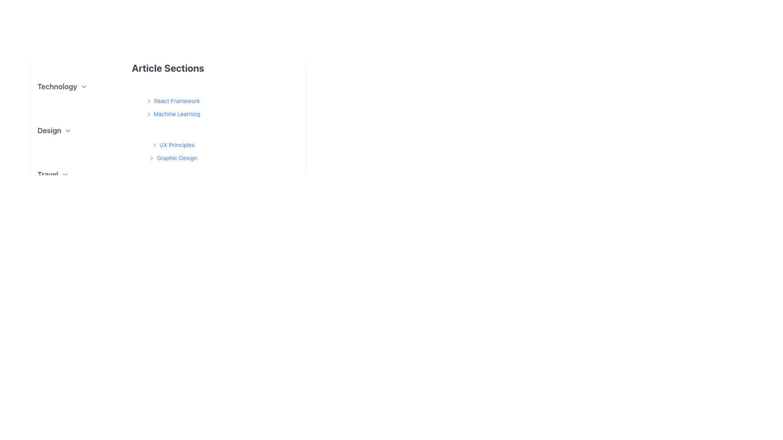 This screenshot has height=440, width=783. Describe the element at coordinates (172, 113) in the screenshot. I see `the hyperlink with decorative icon that serves as a navigation link for the 'Machine Learning' section to redirect users to its associated content` at that location.